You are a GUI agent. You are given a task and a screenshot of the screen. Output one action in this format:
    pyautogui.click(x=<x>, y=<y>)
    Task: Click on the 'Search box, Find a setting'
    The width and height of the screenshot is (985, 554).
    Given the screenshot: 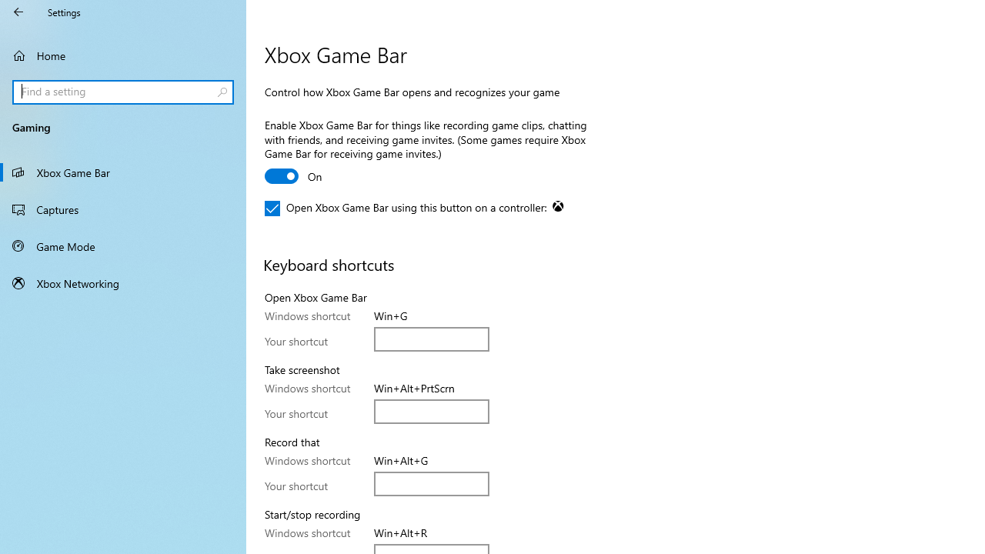 What is the action you would take?
    pyautogui.click(x=123, y=92)
    